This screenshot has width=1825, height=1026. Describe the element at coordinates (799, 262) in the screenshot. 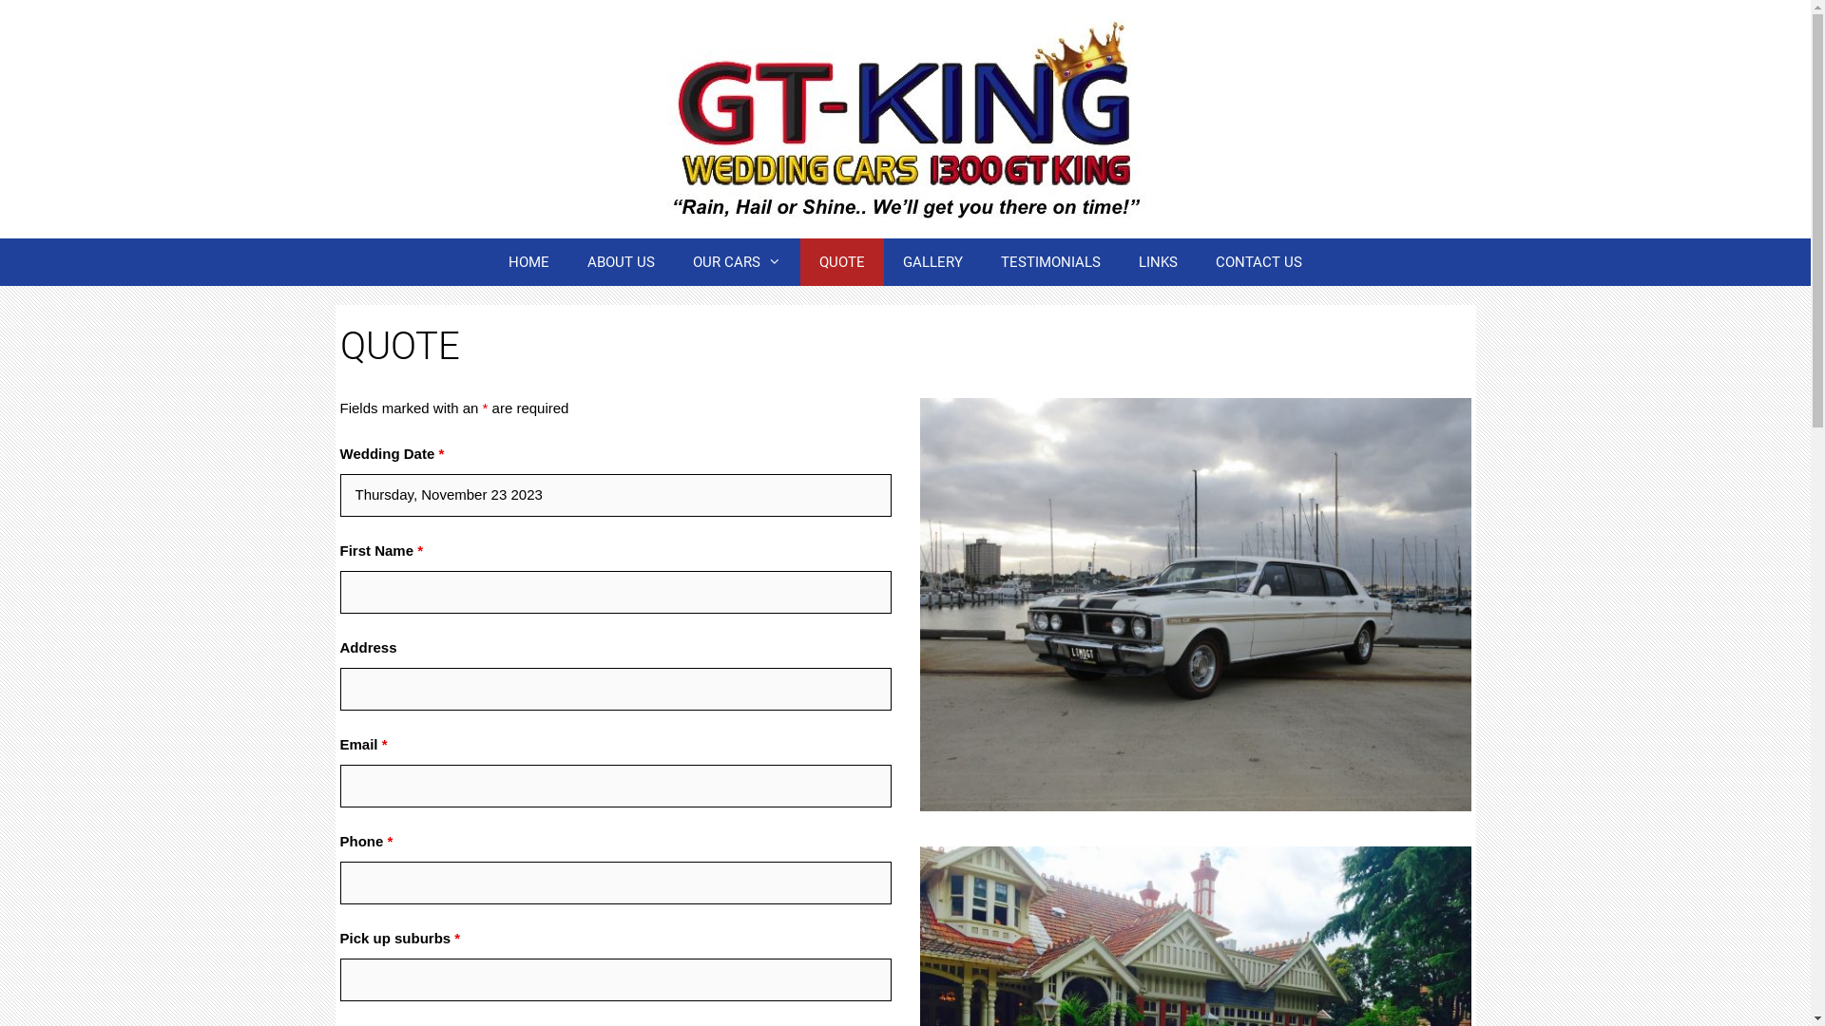

I see `'QUOTE'` at that location.